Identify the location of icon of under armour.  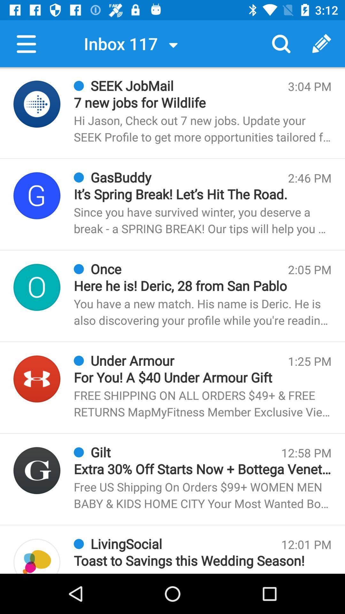
(37, 379).